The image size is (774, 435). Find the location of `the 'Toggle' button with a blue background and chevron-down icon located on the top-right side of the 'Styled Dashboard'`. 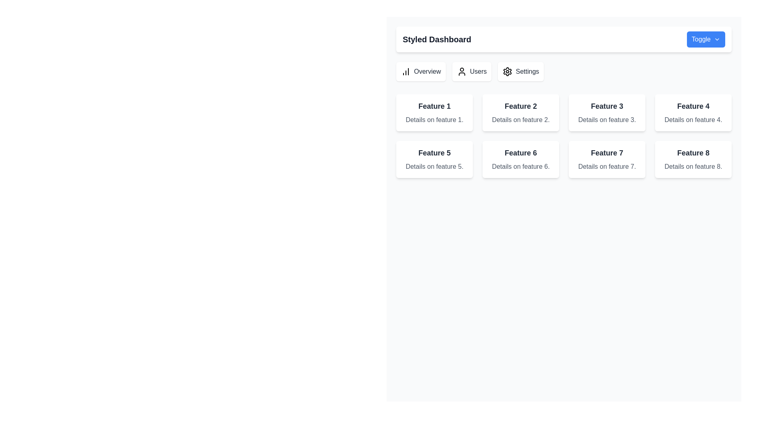

the 'Toggle' button with a blue background and chevron-down icon located on the top-right side of the 'Styled Dashboard' is located at coordinates (705, 39).